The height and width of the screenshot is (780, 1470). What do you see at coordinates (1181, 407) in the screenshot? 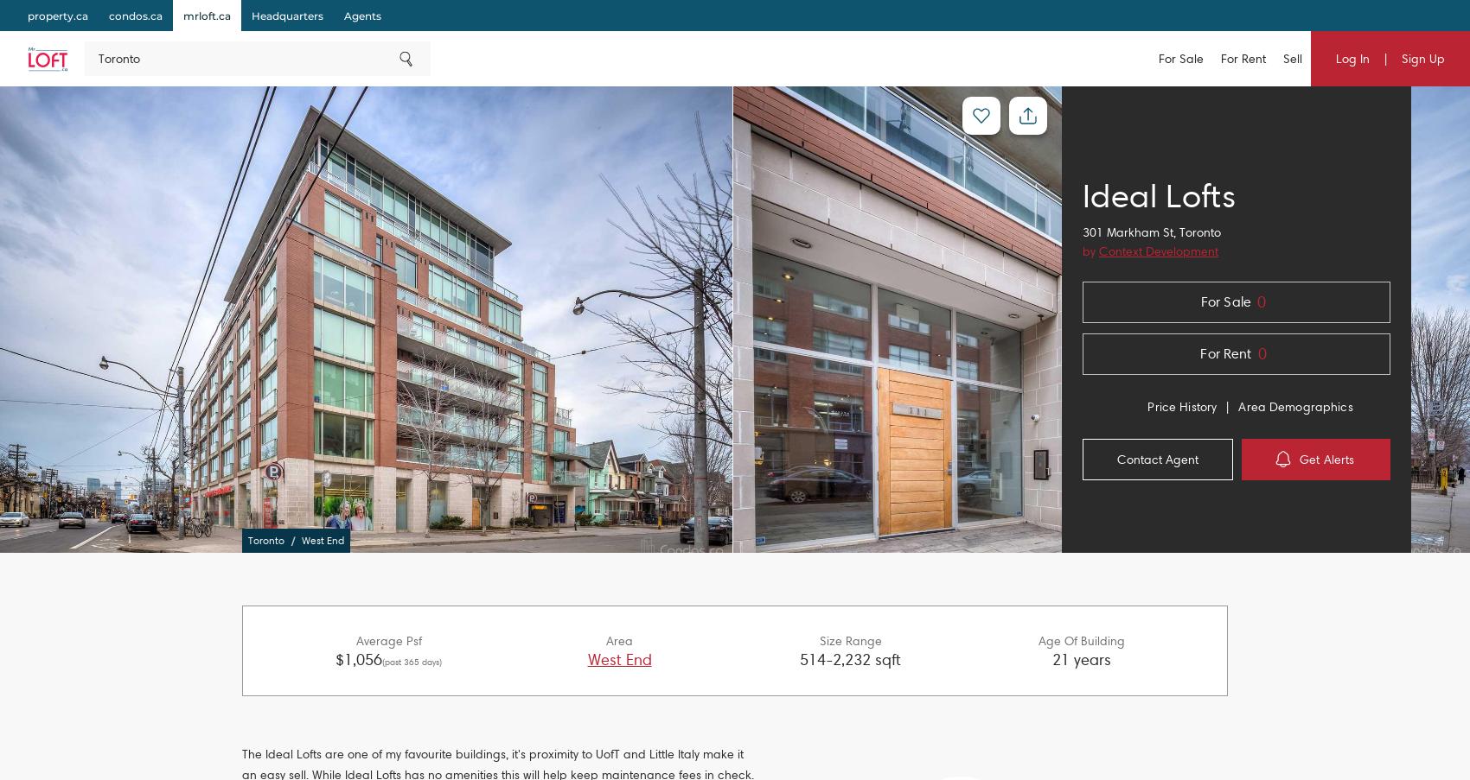
I see `'Price History'` at bounding box center [1181, 407].